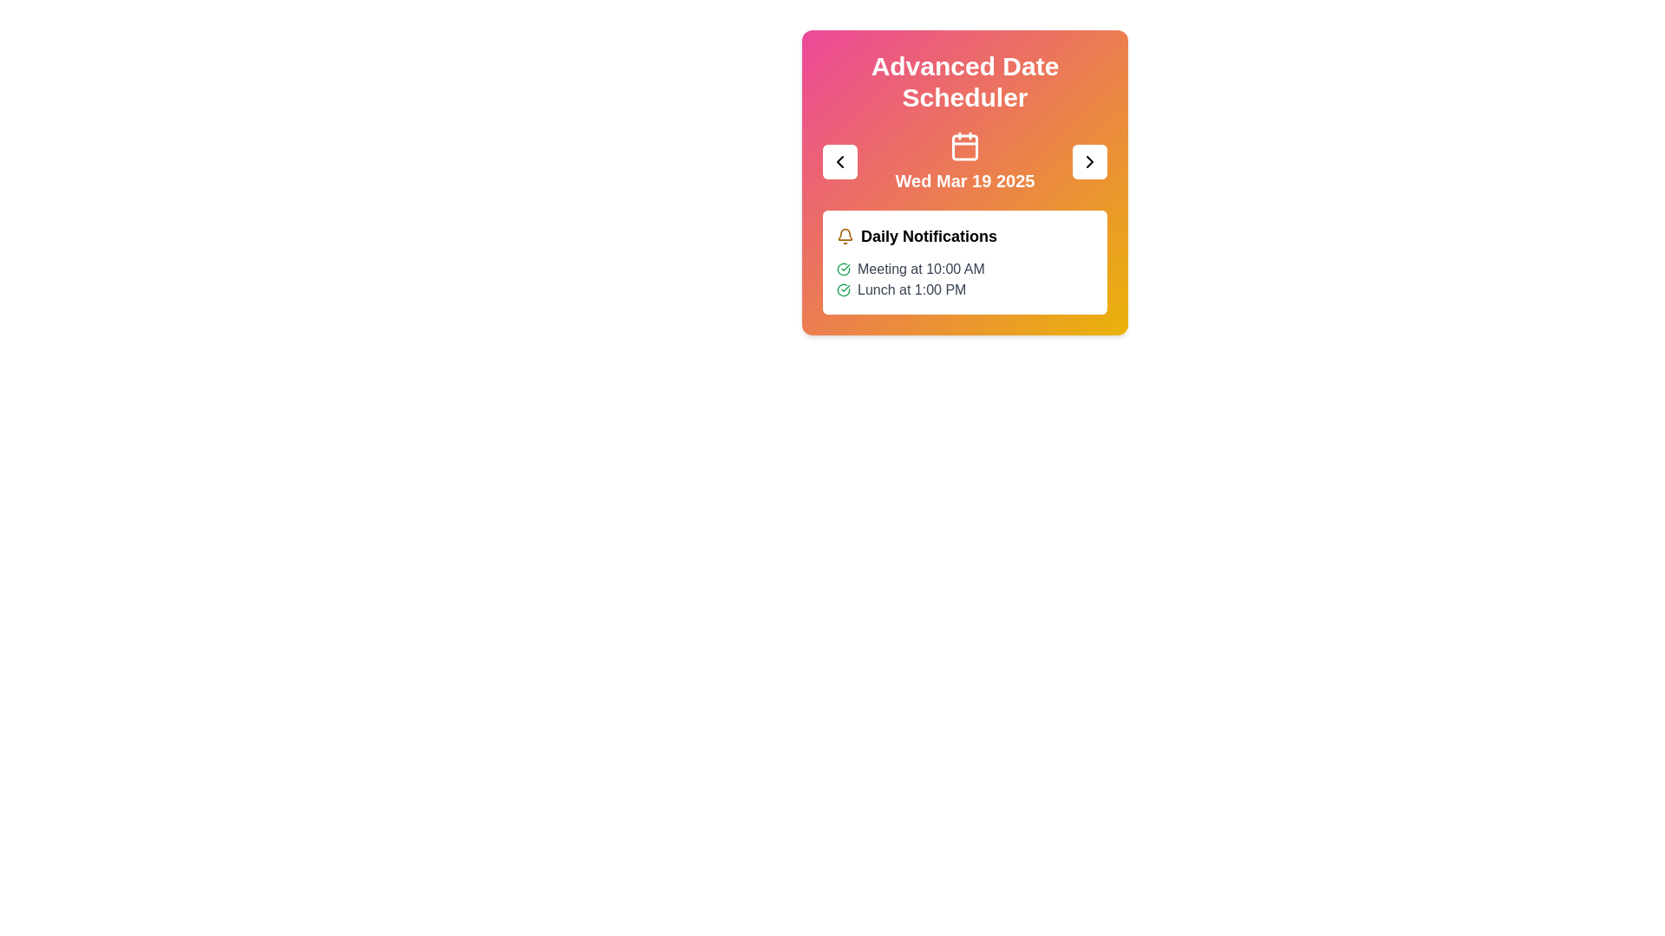  Describe the element at coordinates (1089, 161) in the screenshot. I see `the chevron icon button, which is styled in black and located in the top-right corner of the main card, adjacent to the date display` at that location.